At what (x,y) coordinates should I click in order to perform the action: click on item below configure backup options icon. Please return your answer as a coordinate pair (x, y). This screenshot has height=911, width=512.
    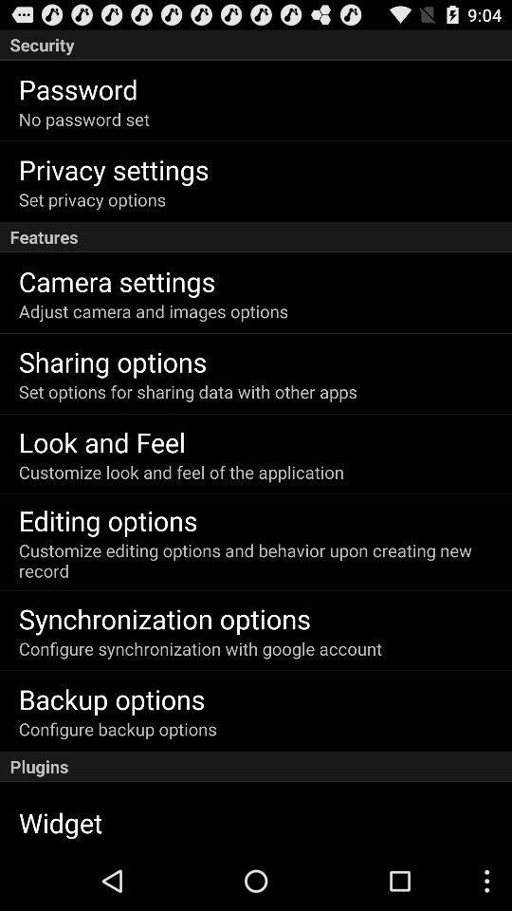
    Looking at the image, I should click on (256, 767).